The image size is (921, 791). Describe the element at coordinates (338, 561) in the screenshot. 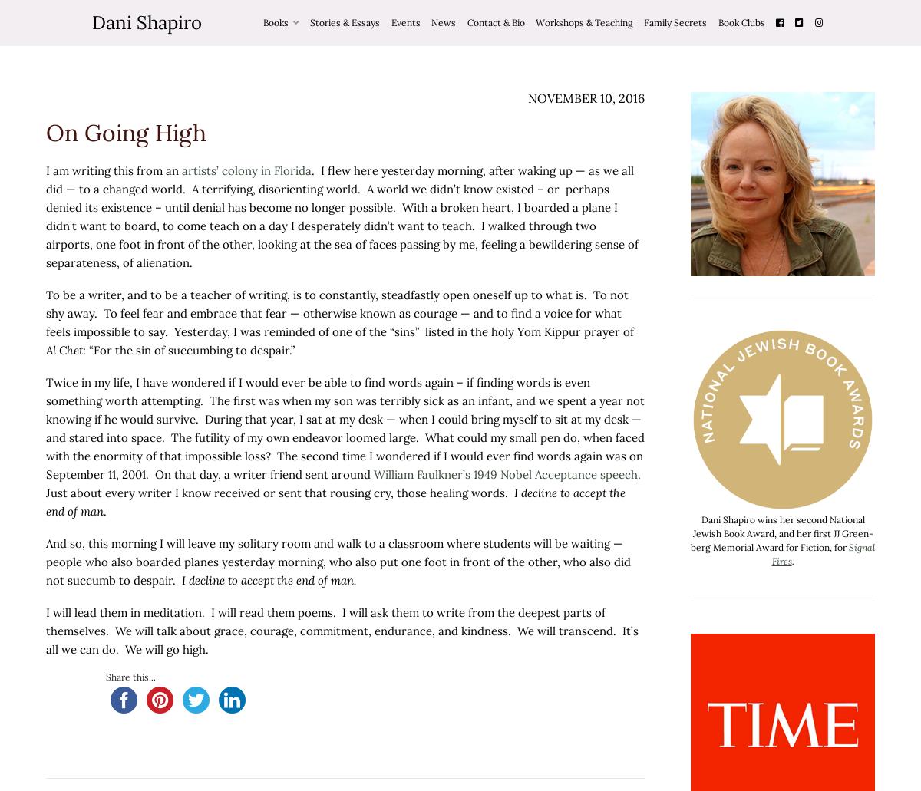

I see `'And so, this morning I will leave my solitary room and walk to a classroom where students will be waiting — people who also boarded planes yesterday morning, who also put one foot in front of the other, who also did not succumb to despair.'` at that location.